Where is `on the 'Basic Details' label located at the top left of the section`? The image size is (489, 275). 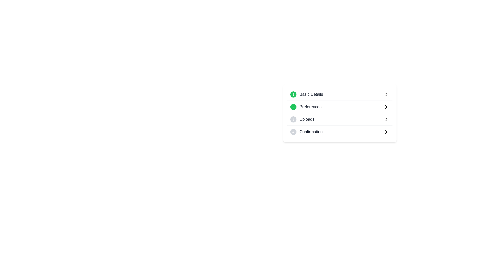 on the 'Basic Details' label located at the top left of the section is located at coordinates (306, 94).